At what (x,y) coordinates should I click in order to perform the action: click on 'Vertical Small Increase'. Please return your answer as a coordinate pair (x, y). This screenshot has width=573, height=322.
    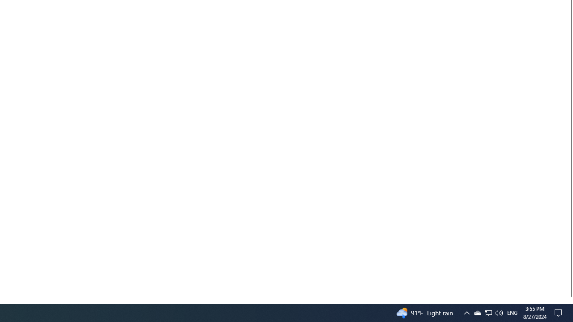
    Looking at the image, I should click on (569, 300).